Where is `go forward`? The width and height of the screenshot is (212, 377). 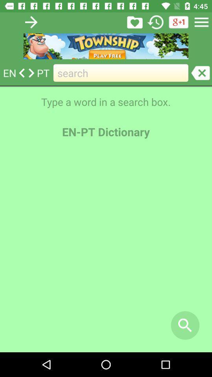 go forward is located at coordinates (31, 22).